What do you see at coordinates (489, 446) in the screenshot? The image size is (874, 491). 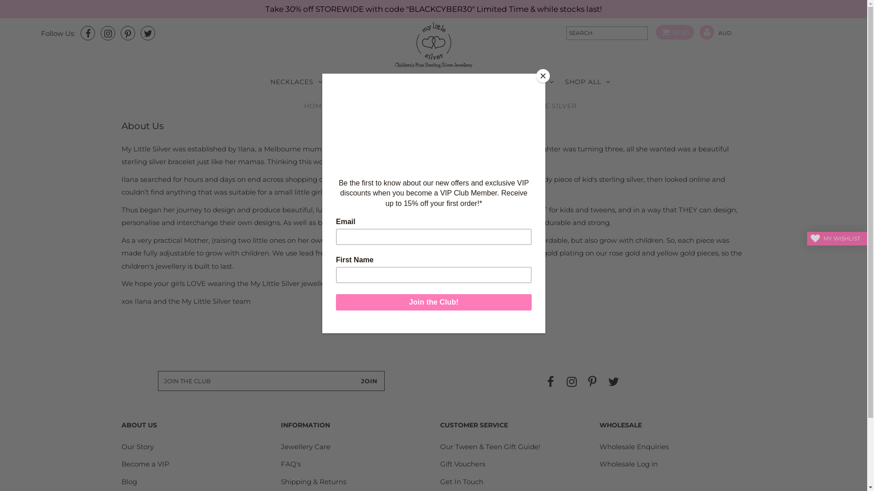 I see `'Our Tween & Teen Gift Guide!'` at bounding box center [489, 446].